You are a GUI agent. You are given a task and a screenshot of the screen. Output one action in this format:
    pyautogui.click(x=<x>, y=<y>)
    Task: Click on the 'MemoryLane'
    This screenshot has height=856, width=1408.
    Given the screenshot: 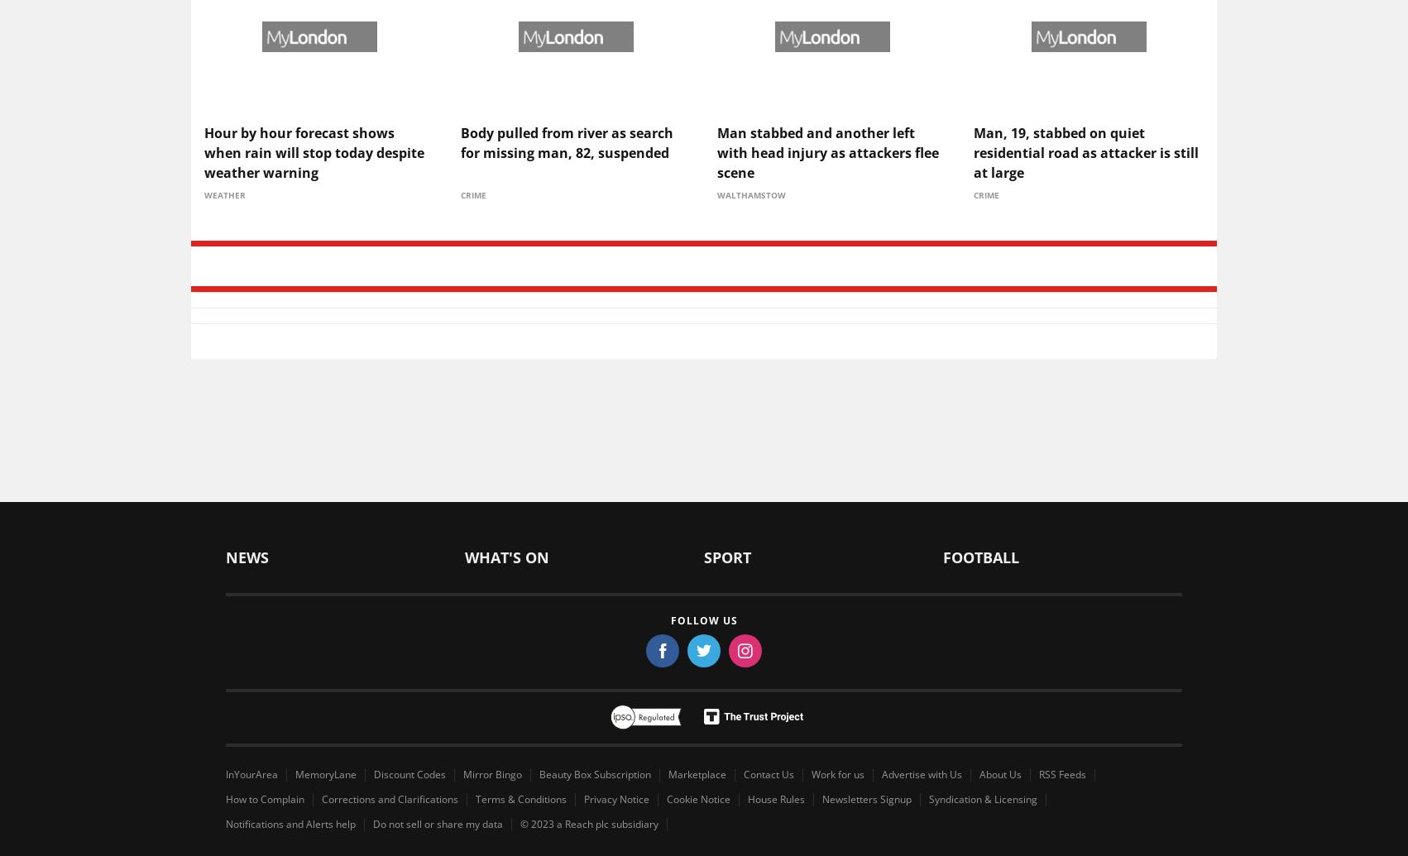 What is the action you would take?
    pyautogui.click(x=326, y=772)
    